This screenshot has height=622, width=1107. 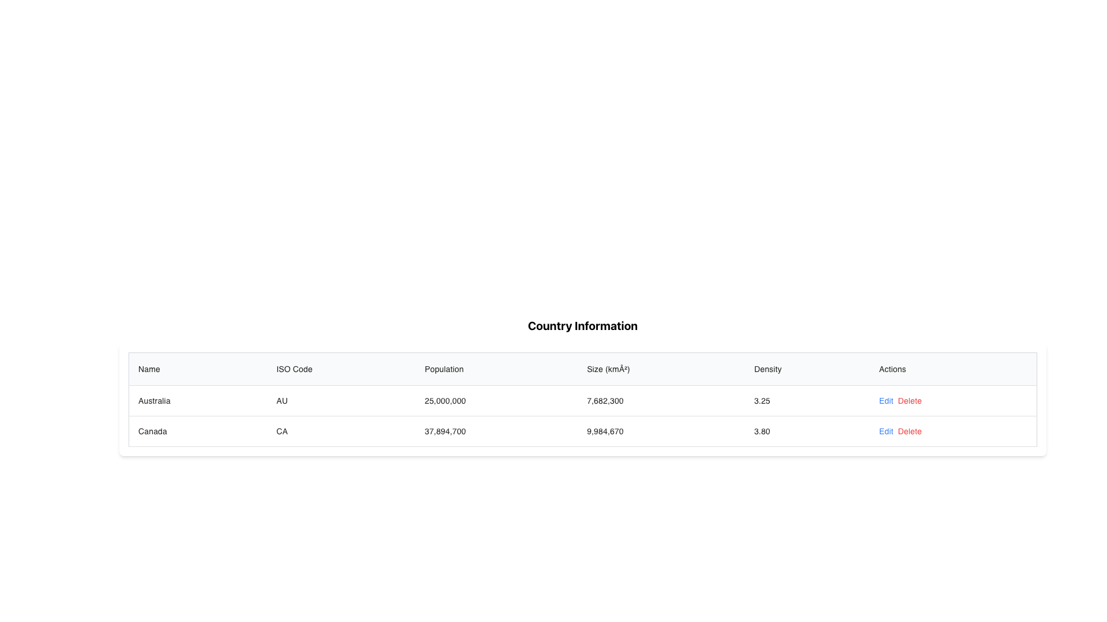 I want to click on the 'Edit' interactive text link in the 'Actions' column of the row for 'Canada', so click(x=886, y=400).